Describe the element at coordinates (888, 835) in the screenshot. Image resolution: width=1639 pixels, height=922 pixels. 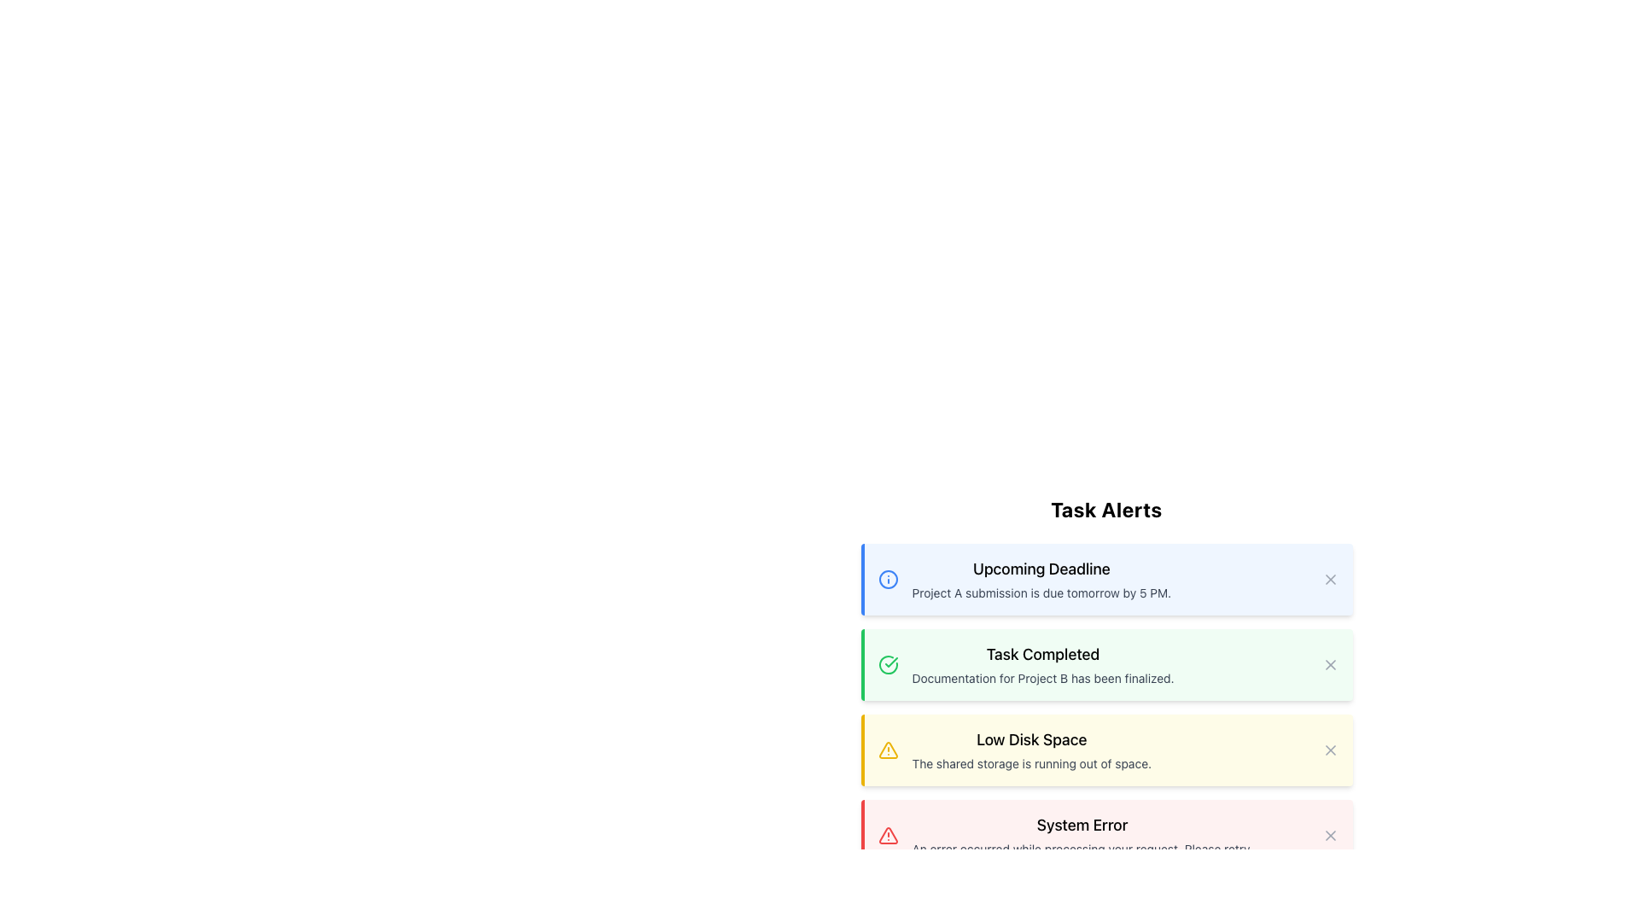
I see `the error alert icon located on the left side of the 'System Error' message in the 'Task Alerts' section` at that location.